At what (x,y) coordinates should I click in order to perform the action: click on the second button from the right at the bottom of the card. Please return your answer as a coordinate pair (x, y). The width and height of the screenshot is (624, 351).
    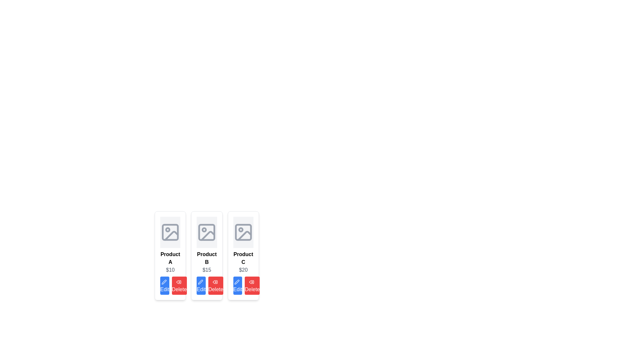
    Looking at the image, I should click on (215, 285).